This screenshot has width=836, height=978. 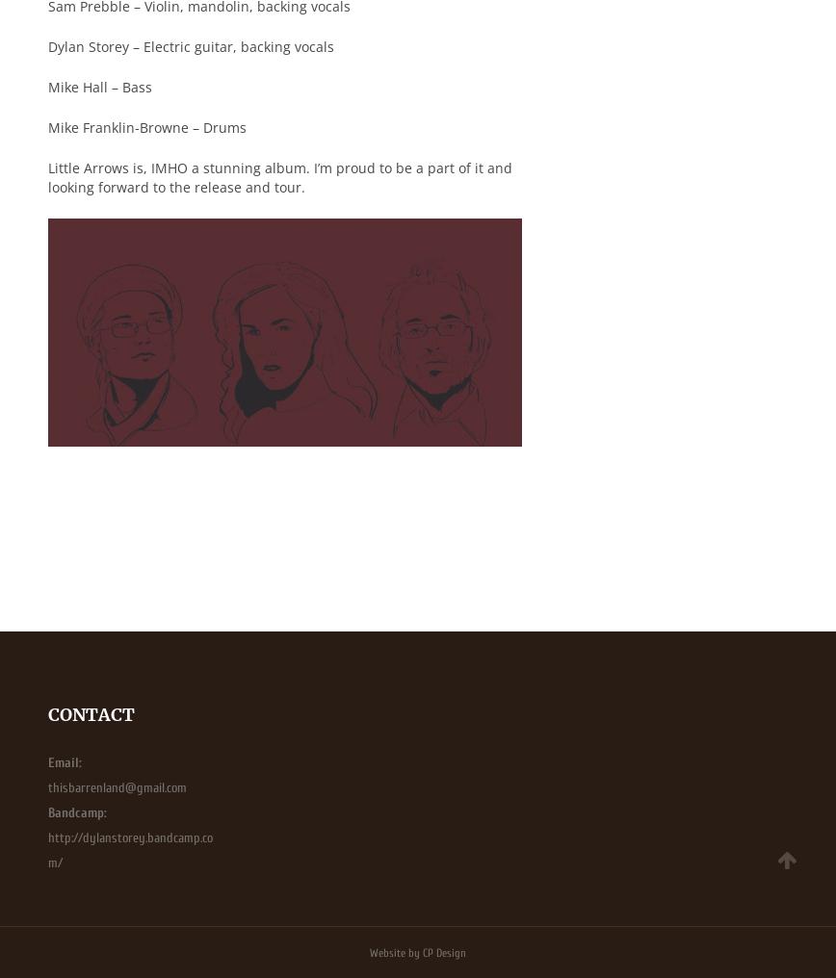 I want to click on 'http://dylanstorey.bandcamp.com/', so click(x=130, y=850).